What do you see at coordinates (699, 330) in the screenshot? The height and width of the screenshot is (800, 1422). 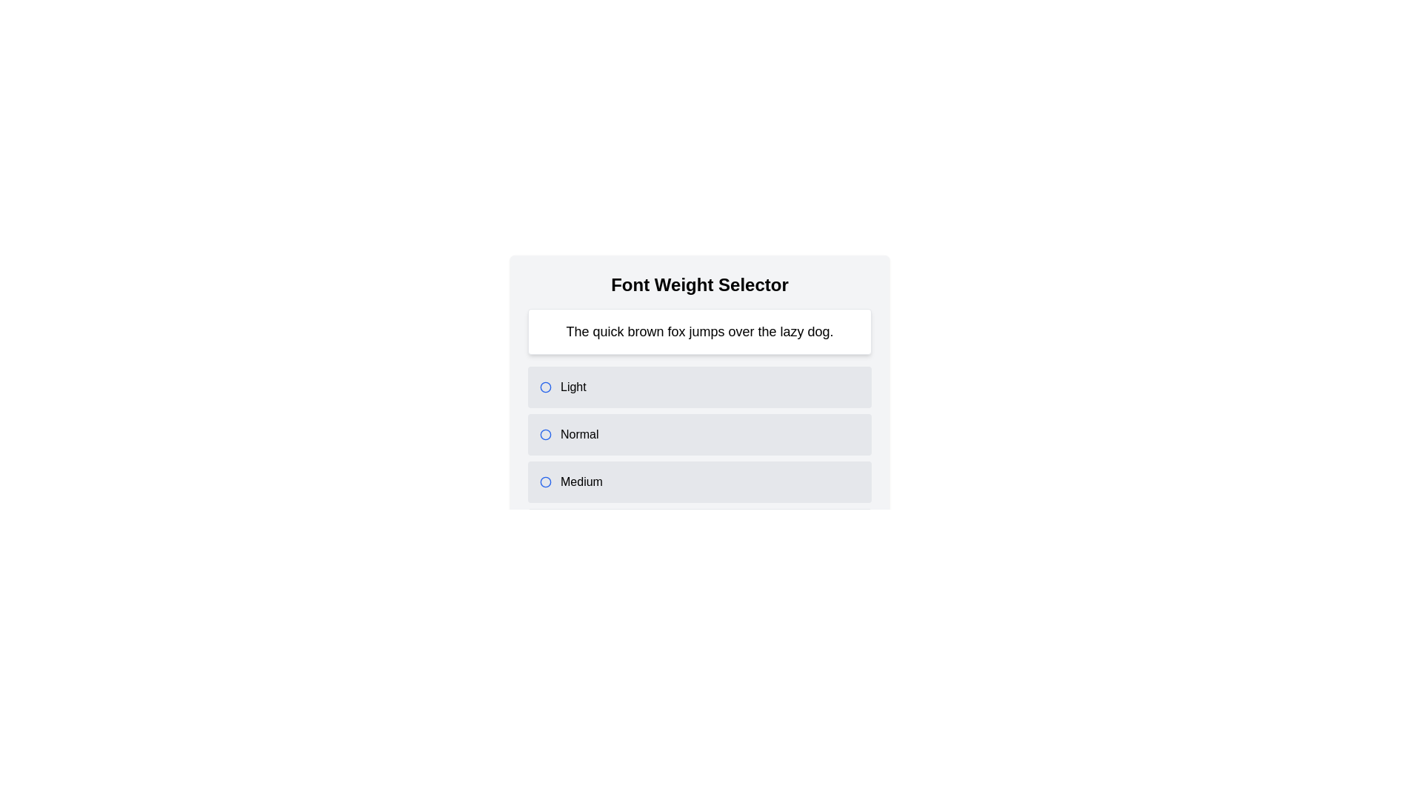 I see `the text label displaying 'The quick brown fox jumps over the lazy dog.' which is located in the upper part of the 'Font Weight Selector' section` at bounding box center [699, 330].